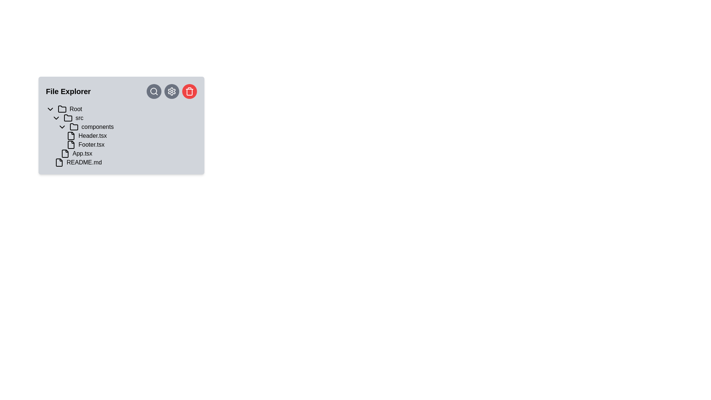 Image resolution: width=711 pixels, height=400 pixels. What do you see at coordinates (71, 144) in the screenshot?
I see `the file icon resembling a document with a folded corner, located next to the text label 'Footer.tsx' in the 'File Explorer' module` at bounding box center [71, 144].